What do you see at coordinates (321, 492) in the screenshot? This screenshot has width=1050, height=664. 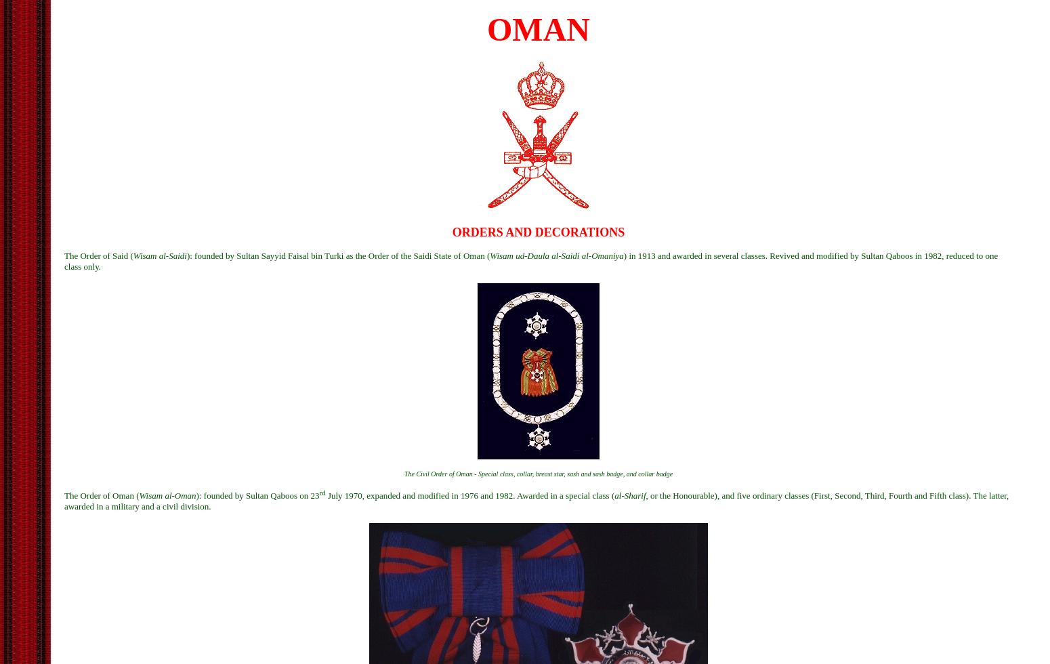 I see `'rd'` at bounding box center [321, 492].